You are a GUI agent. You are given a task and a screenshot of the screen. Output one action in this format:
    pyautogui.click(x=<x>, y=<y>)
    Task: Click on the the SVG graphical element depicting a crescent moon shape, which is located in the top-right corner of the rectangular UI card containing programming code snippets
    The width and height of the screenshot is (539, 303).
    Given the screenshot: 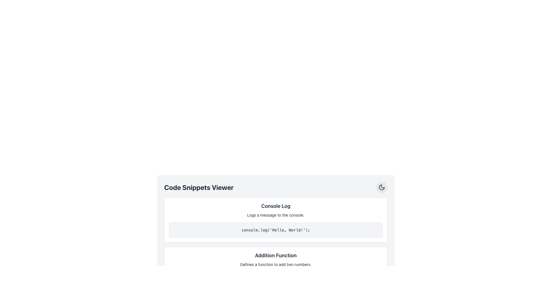 What is the action you would take?
    pyautogui.click(x=382, y=187)
    